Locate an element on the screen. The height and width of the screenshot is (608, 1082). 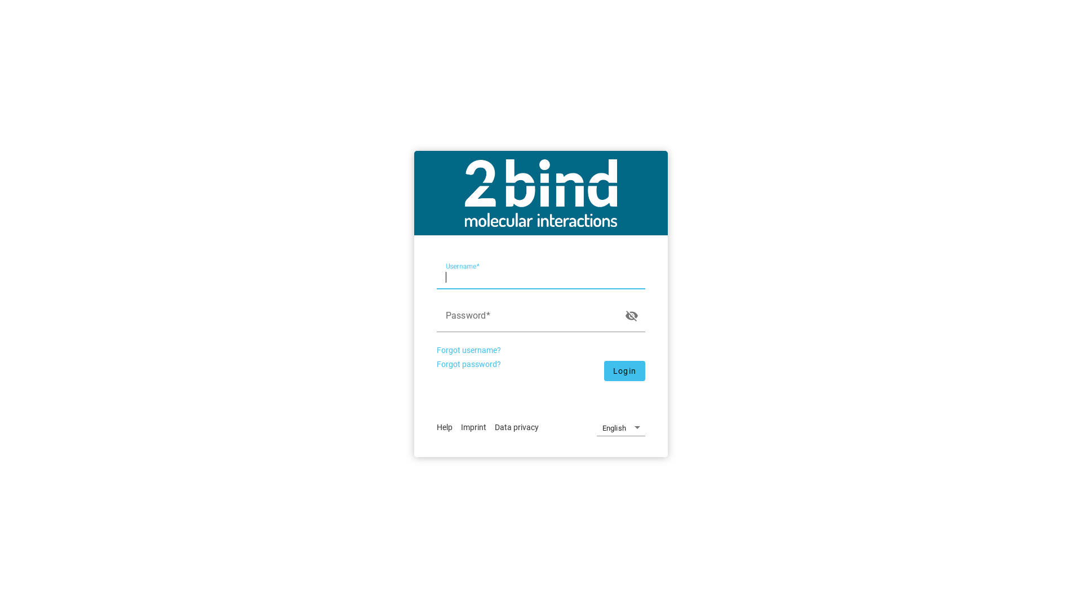
'Help' is located at coordinates (447, 427).